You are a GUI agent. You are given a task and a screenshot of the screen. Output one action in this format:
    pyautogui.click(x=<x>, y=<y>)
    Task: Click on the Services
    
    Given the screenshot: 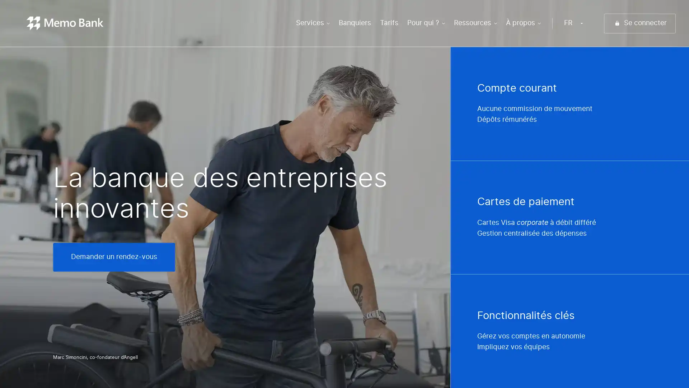 What is the action you would take?
    pyautogui.click(x=313, y=23)
    